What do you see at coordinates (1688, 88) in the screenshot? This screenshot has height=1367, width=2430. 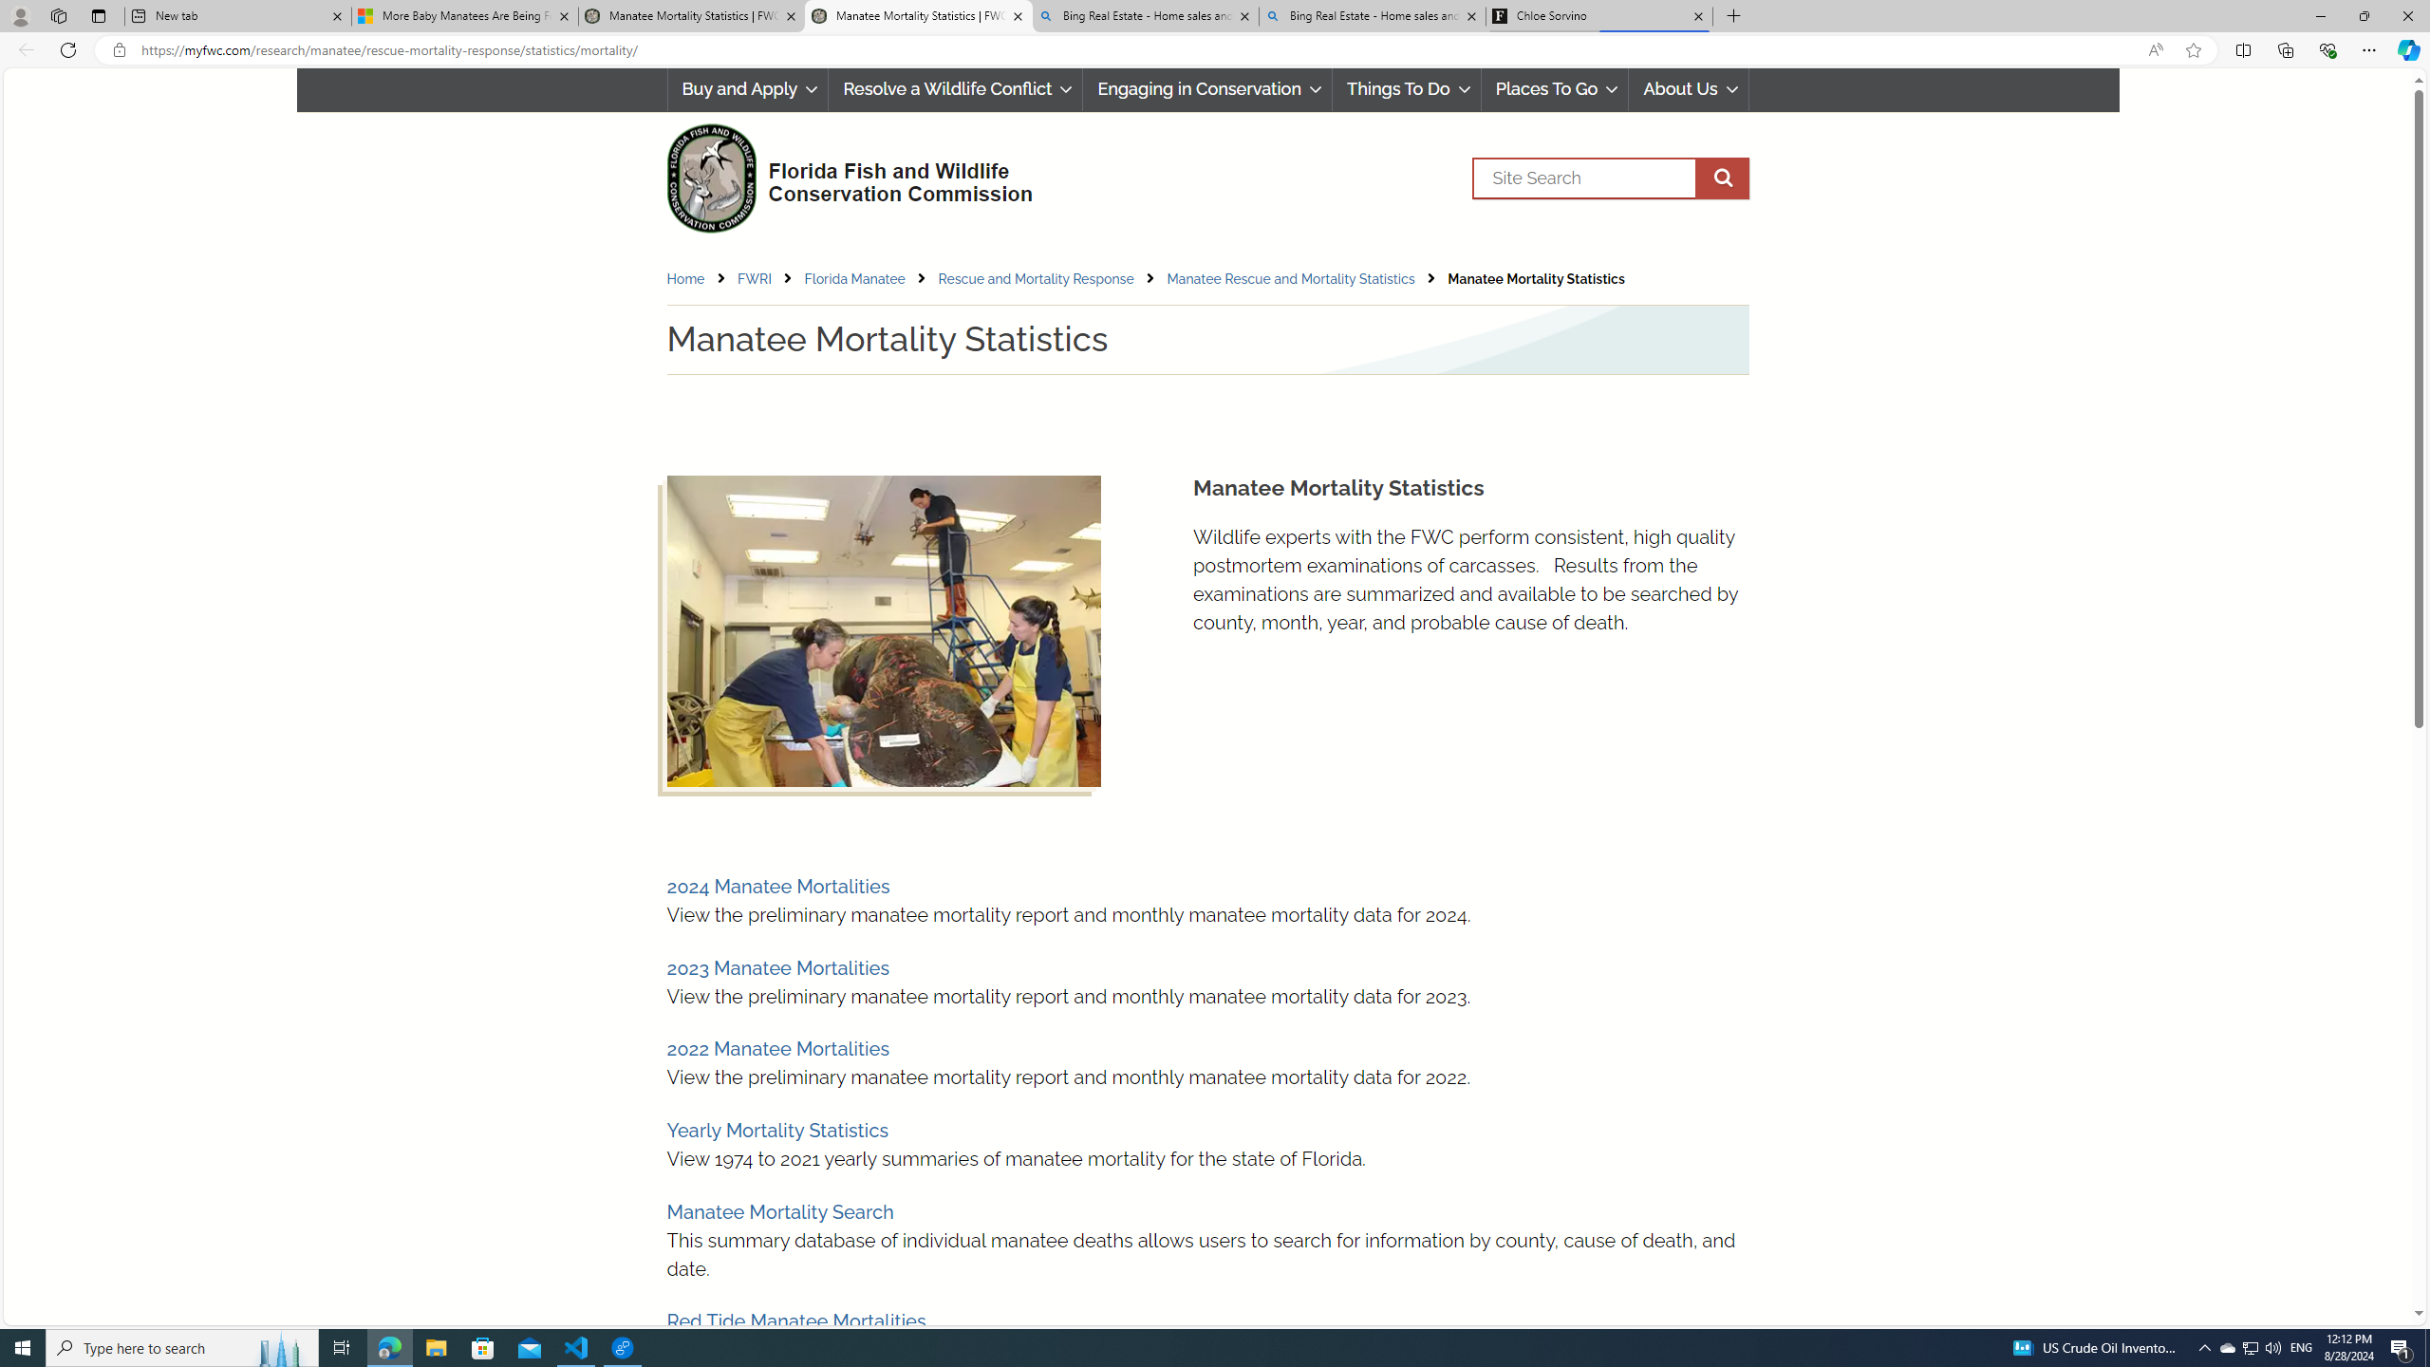 I see `'About Us'` at bounding box center [1688, 88].